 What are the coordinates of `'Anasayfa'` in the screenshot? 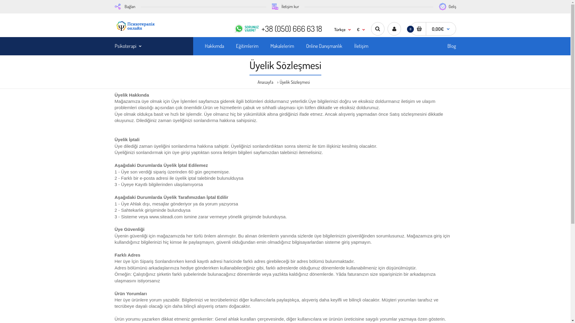 It's located at (265, 82).